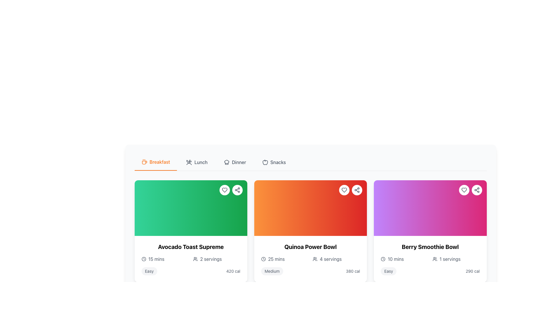  Describe the element at coordinates (211, 259) in the screenshot. I see `text displayed on the Text Label that shows the number of servings for the recipe located under the title 'Avocado Toast Supreme'` at that location.